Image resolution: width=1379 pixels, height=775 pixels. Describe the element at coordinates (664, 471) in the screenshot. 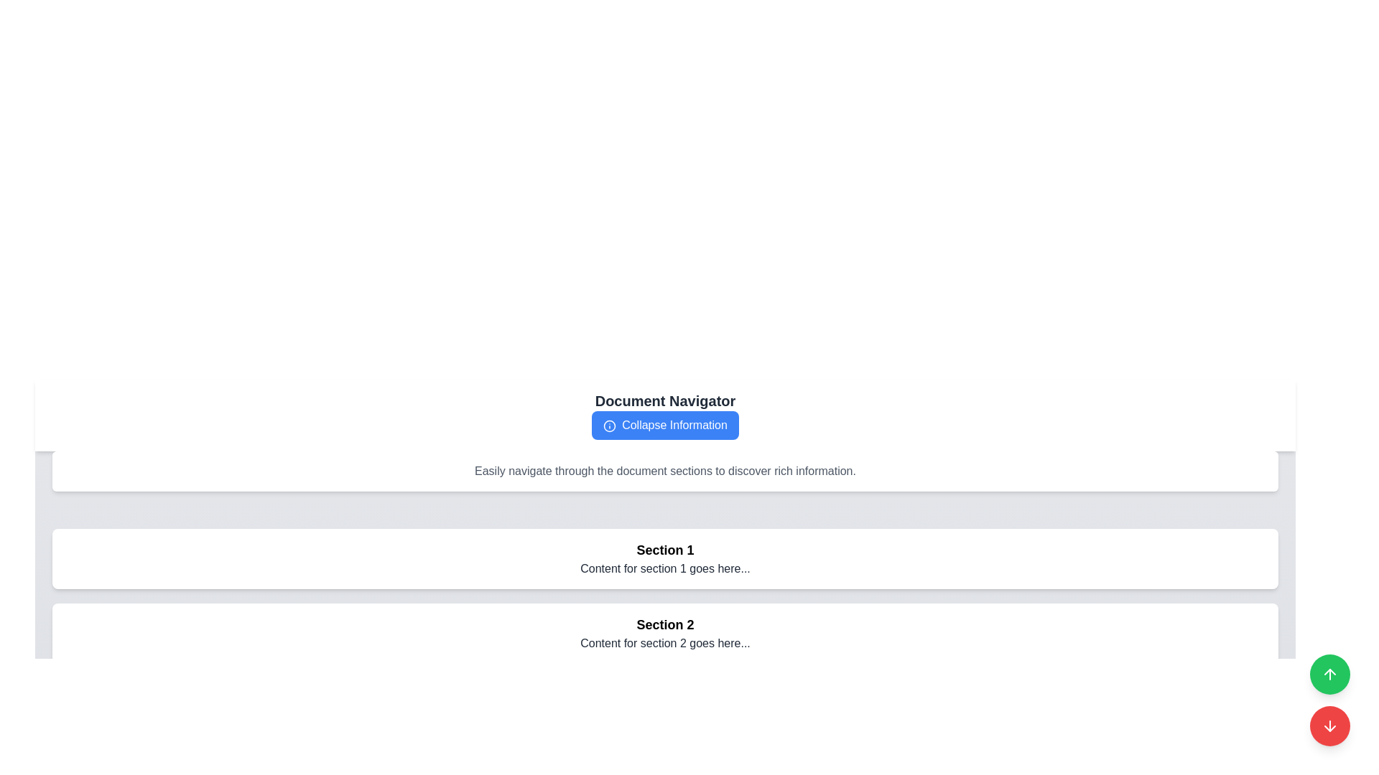

I see `the text label that contains the message 'Easily navigate through the document sections to discover rich information.' positioned below the 'Document Navigator' heading` at that location.